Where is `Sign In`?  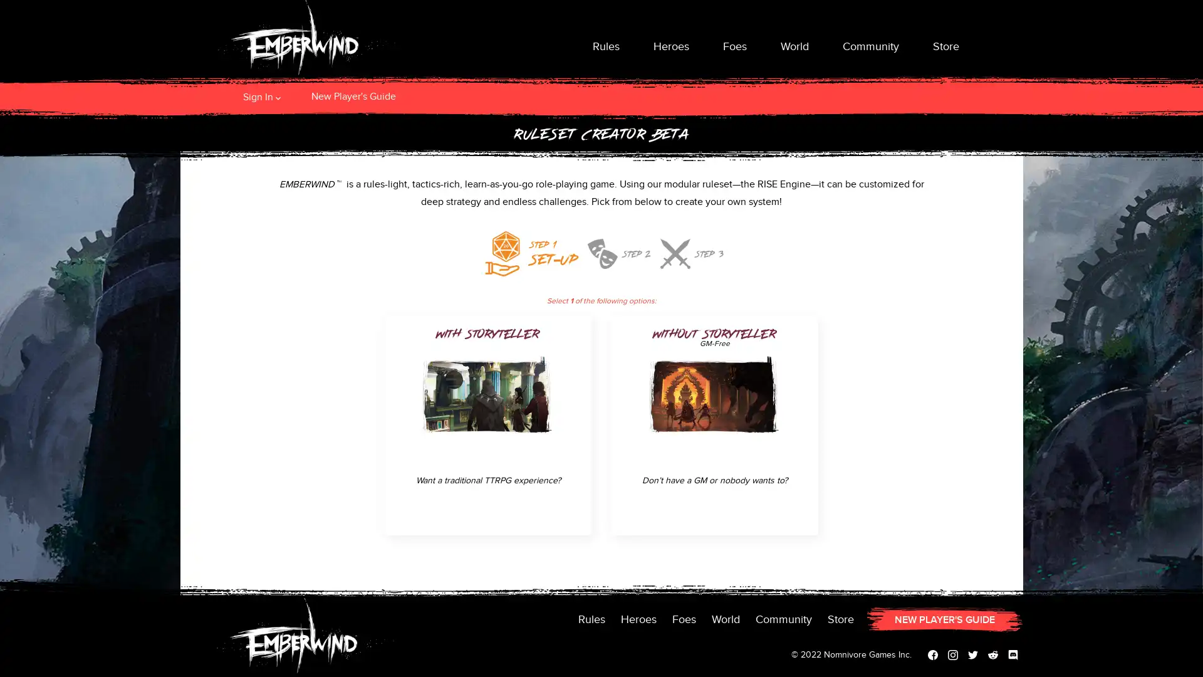
Sign In is located at coordinates (257, 96).